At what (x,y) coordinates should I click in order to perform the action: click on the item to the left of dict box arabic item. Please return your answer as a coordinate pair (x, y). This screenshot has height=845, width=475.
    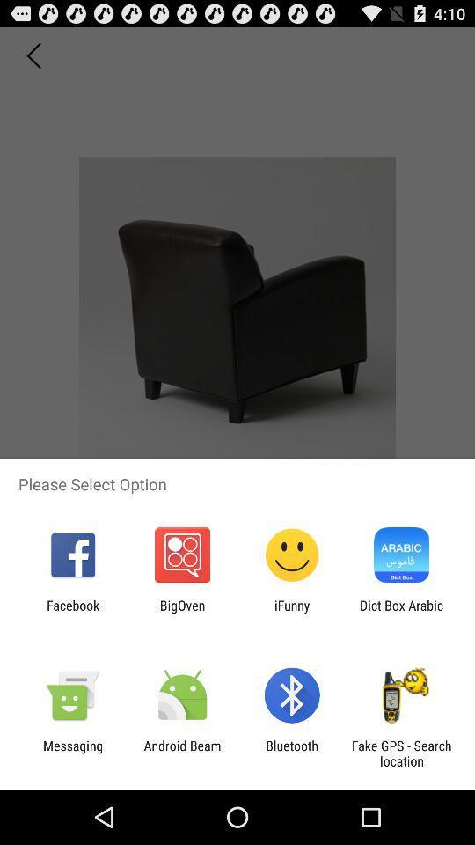
    Looking at the image, I should click on (292, 613).